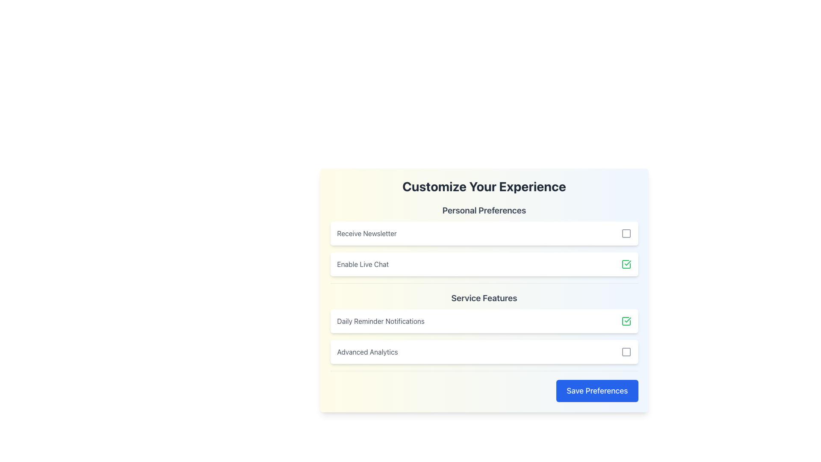 Image resolution: width=821 pixels, height=462 pixels. Describe the element at coordinates (363, 264) in the screenshot. I see `label describing the option to enable live chat functionality located under the 'Personal Preferences' section, positioned below 'Receive Newsletter' and above 'Service Features'` at that location.